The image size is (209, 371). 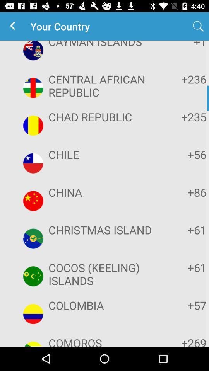 I want to click on the item below the chile, so click(x=182, y=192).